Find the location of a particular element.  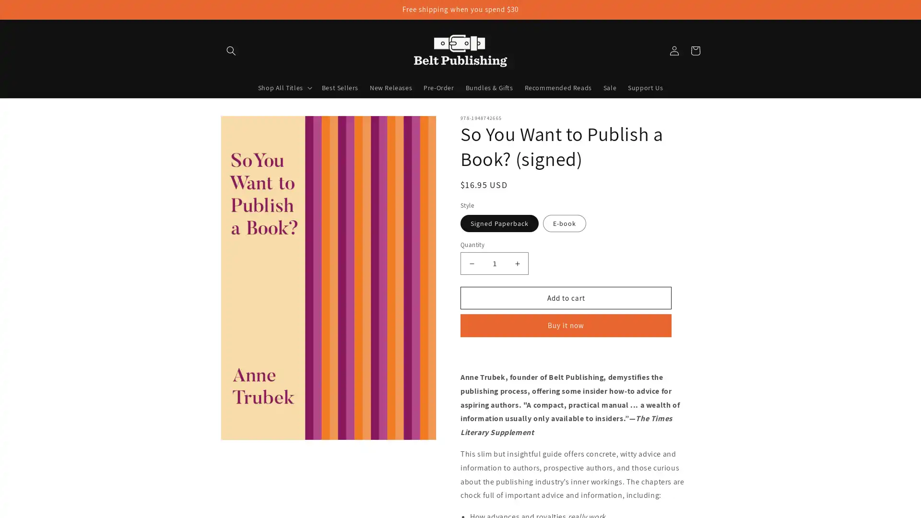

Add to cart is located at coordinates (566, 297).